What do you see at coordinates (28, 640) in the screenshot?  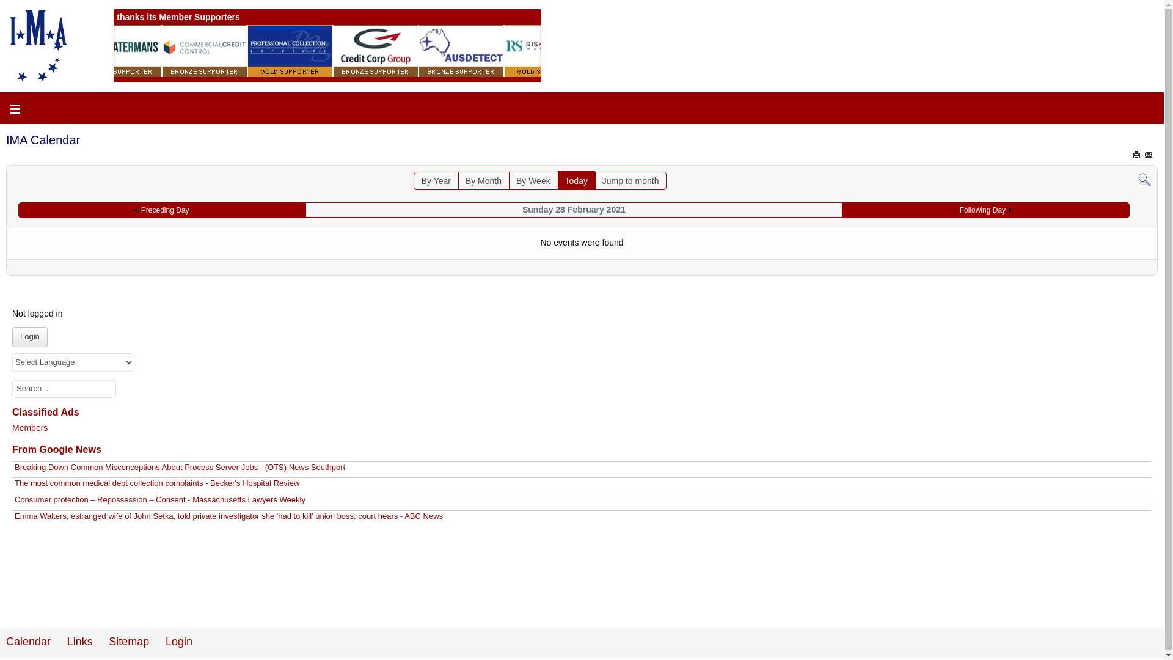 I see `'Calendar'` at bounding box center [28, 640].